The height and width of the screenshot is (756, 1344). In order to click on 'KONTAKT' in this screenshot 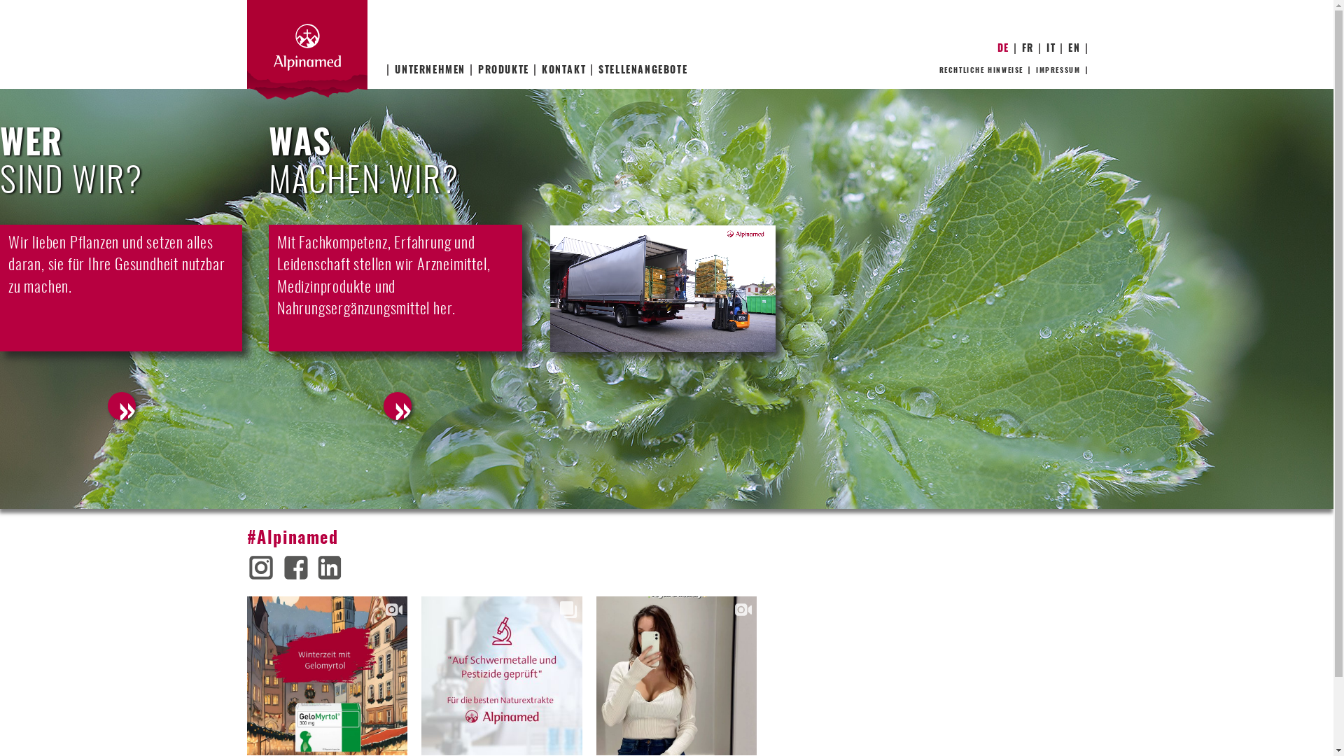, I will do `click(562, 70)`.